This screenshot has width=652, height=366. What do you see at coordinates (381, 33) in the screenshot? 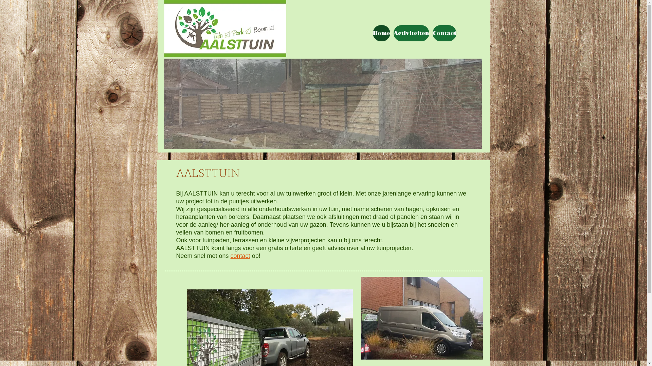
I see `'Home'` at bounding box center [381, 33].